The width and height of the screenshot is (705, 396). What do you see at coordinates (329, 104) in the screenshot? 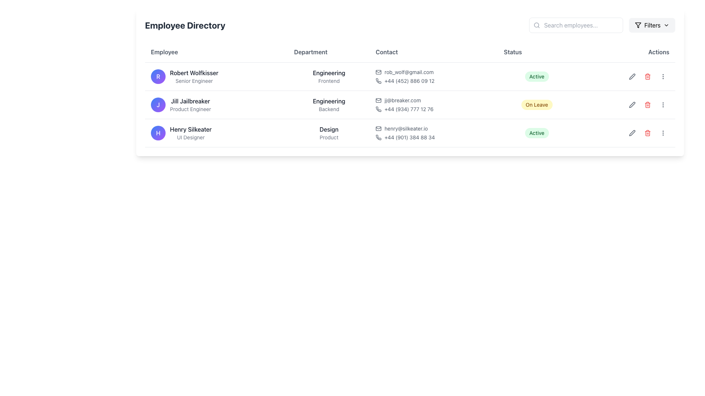
I see `text displayed in the second item under the 'Department' column, which shows 'Engineering' and 'Backend' for the employee 'Jill Jailbreaker'` at bounding box center [329, 104].